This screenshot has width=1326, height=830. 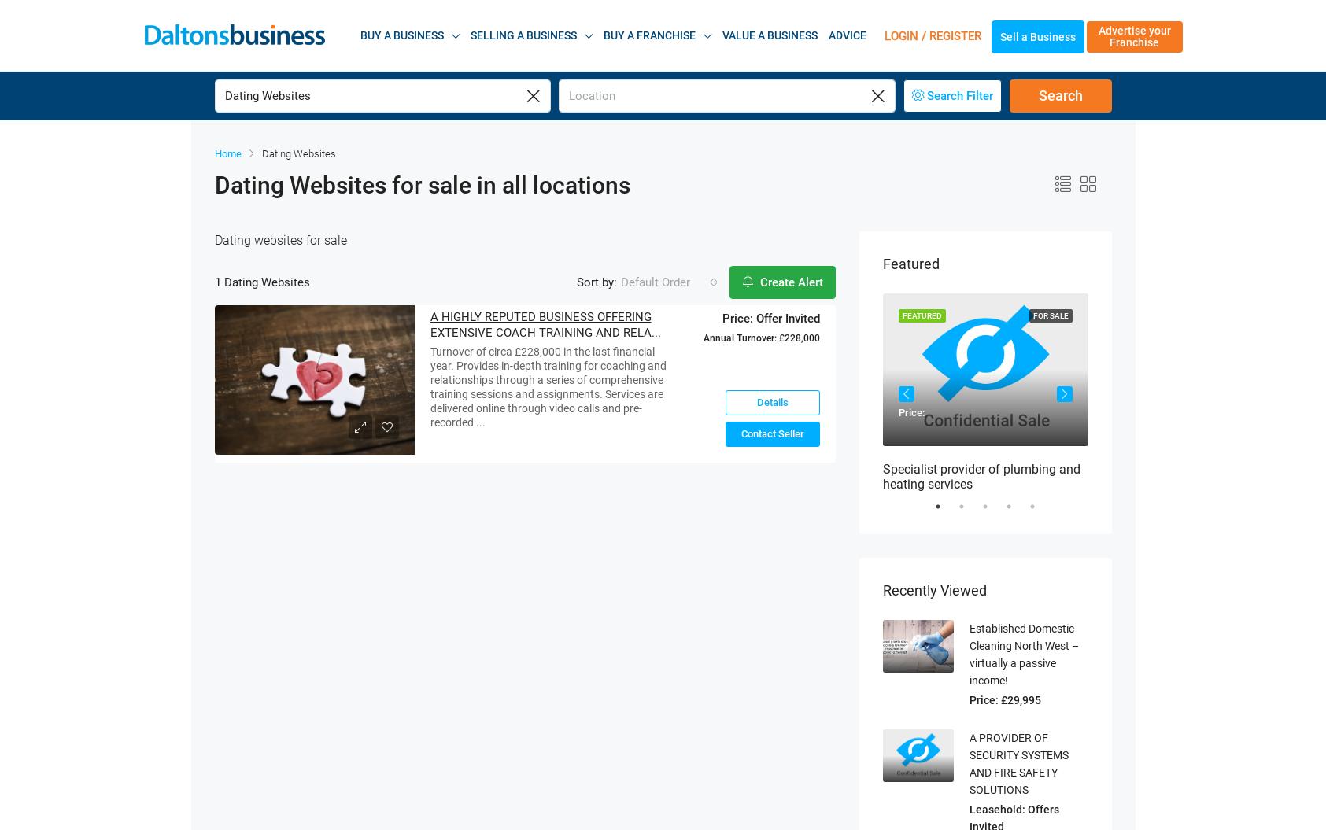 What do you see at coordinates (958, 75) in the screenshot?
I see `'Search Filter'` at bounding box center [958, 75].